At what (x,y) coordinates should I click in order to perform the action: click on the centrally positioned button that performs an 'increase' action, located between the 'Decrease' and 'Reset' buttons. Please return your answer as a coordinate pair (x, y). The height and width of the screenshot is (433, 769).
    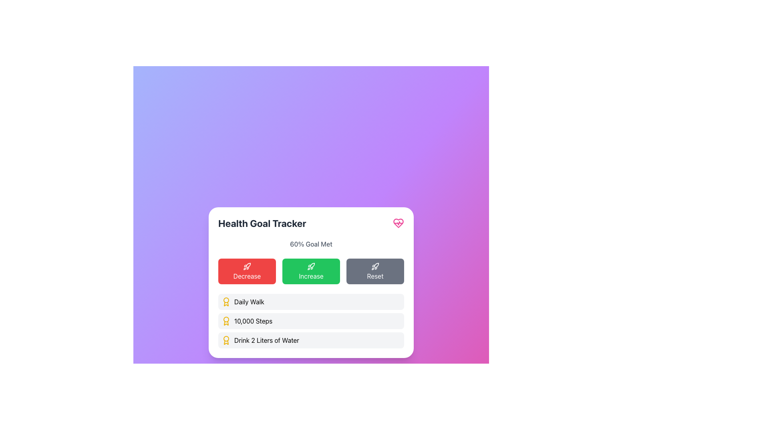
    Looking at the image, I should click on (311, 271).